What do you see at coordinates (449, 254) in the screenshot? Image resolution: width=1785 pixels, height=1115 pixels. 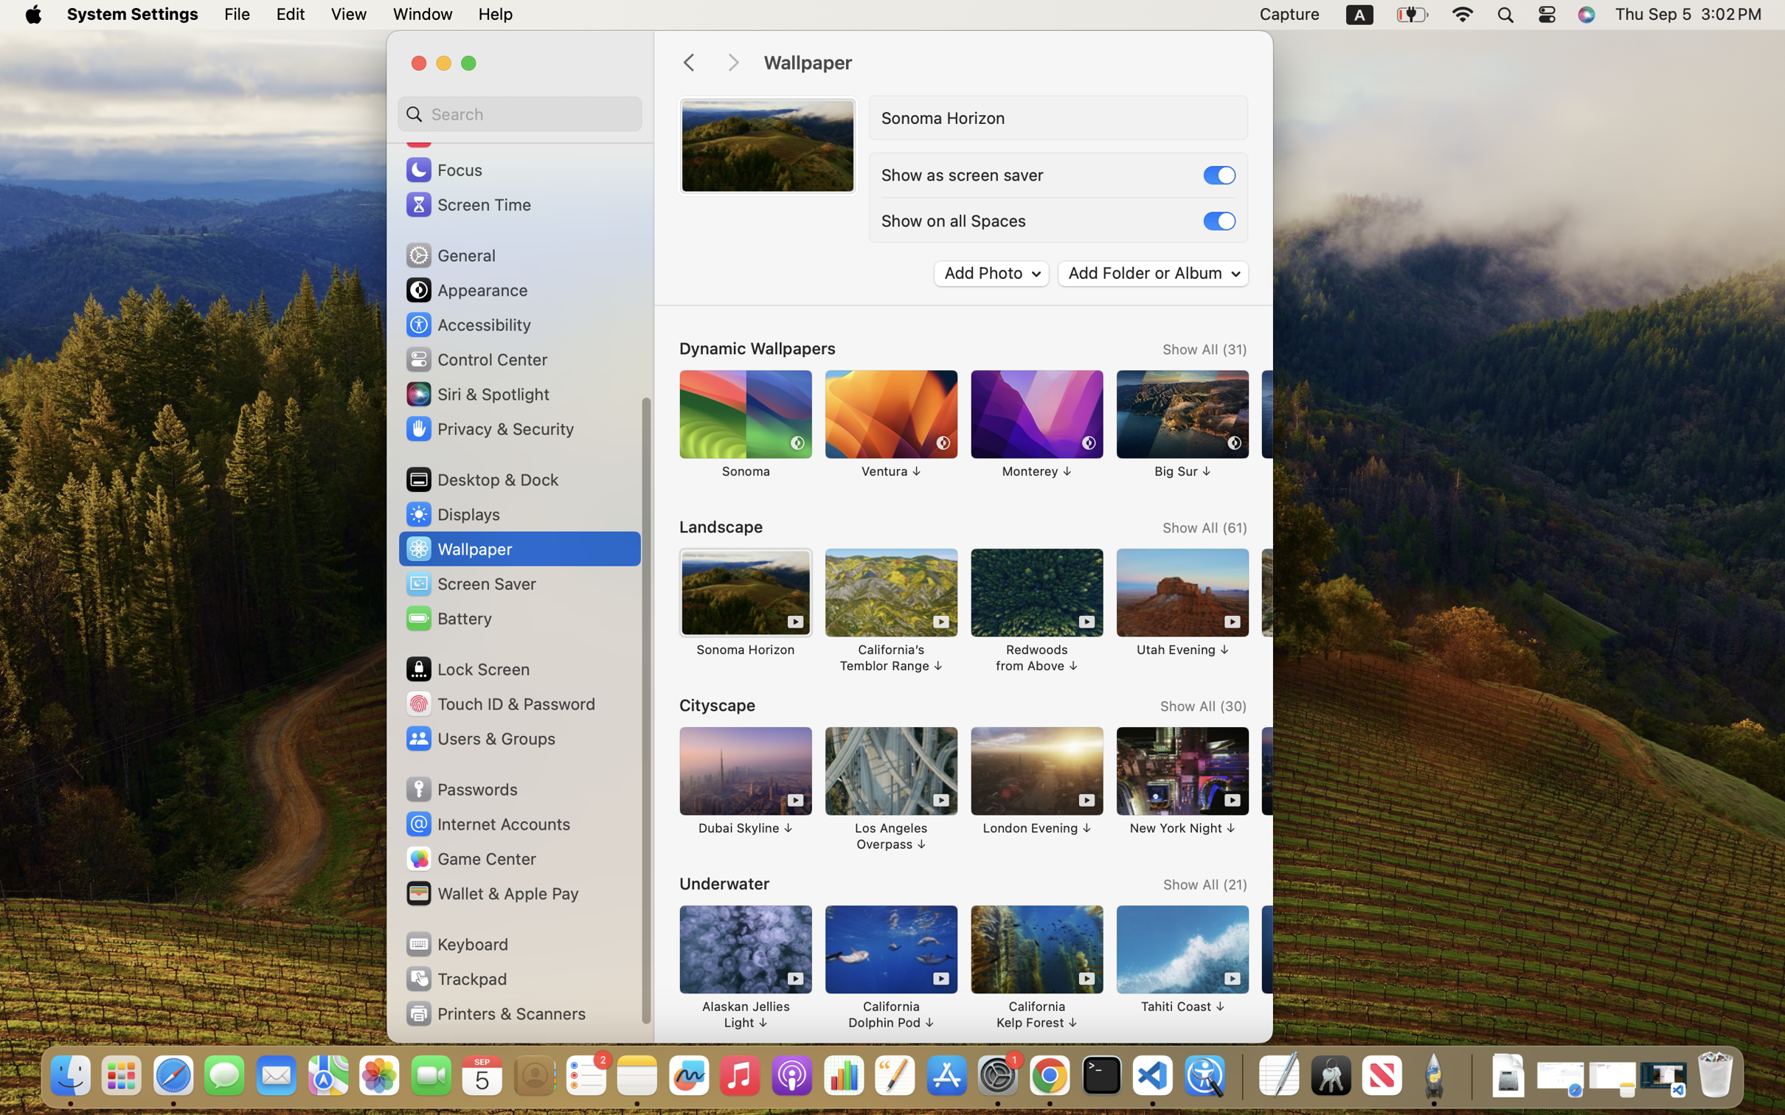 I see `'General'` at bounding box center [449, 254].